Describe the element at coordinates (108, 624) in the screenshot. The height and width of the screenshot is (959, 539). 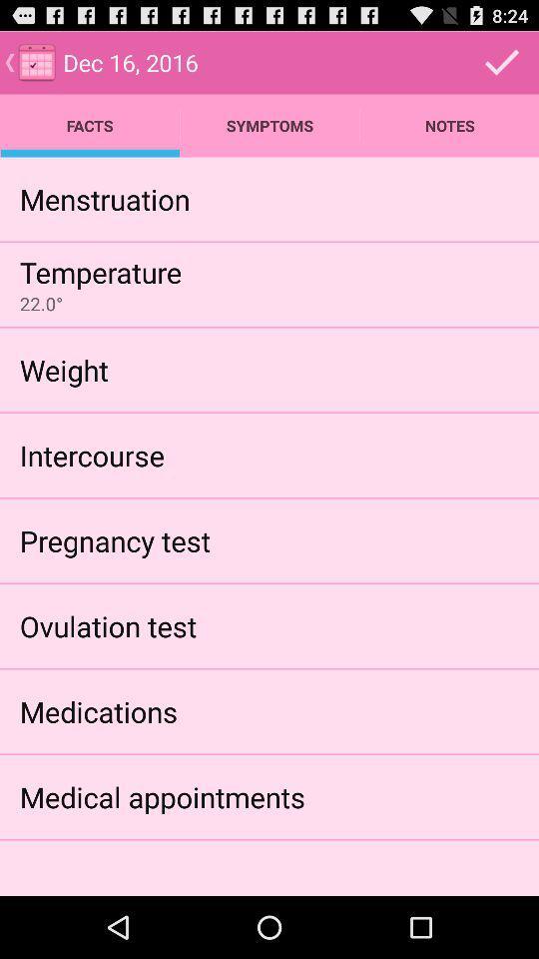
I see `the ovulation test icon` at that location.